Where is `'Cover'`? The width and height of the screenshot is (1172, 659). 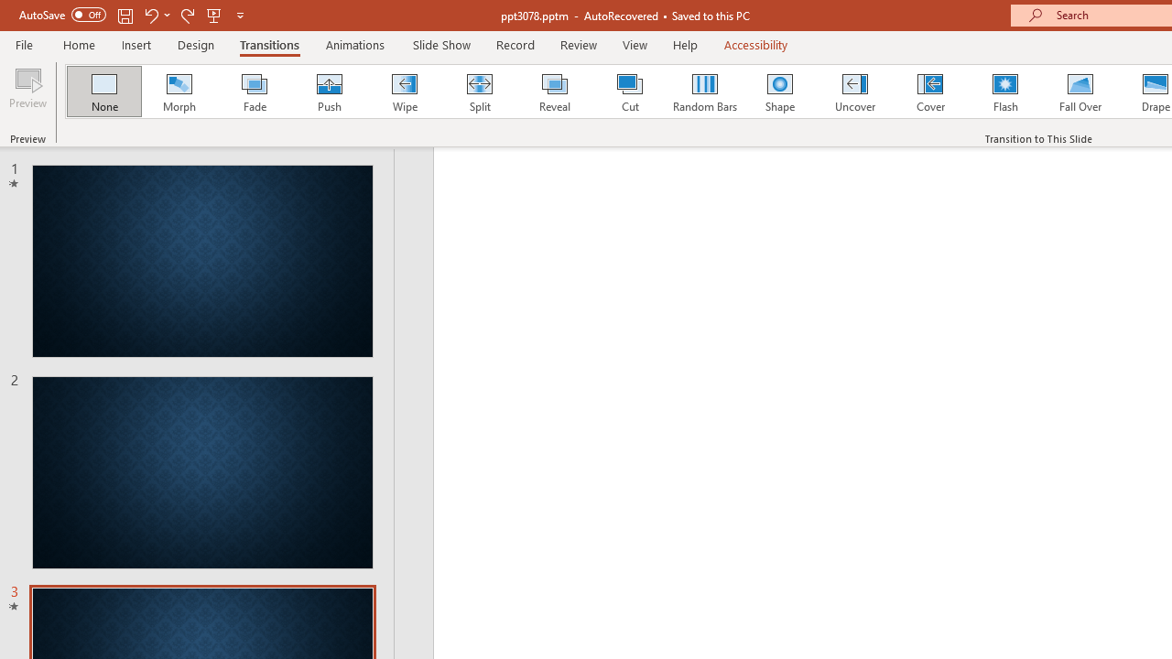 'Cover' is located at coordinates (930, 92).